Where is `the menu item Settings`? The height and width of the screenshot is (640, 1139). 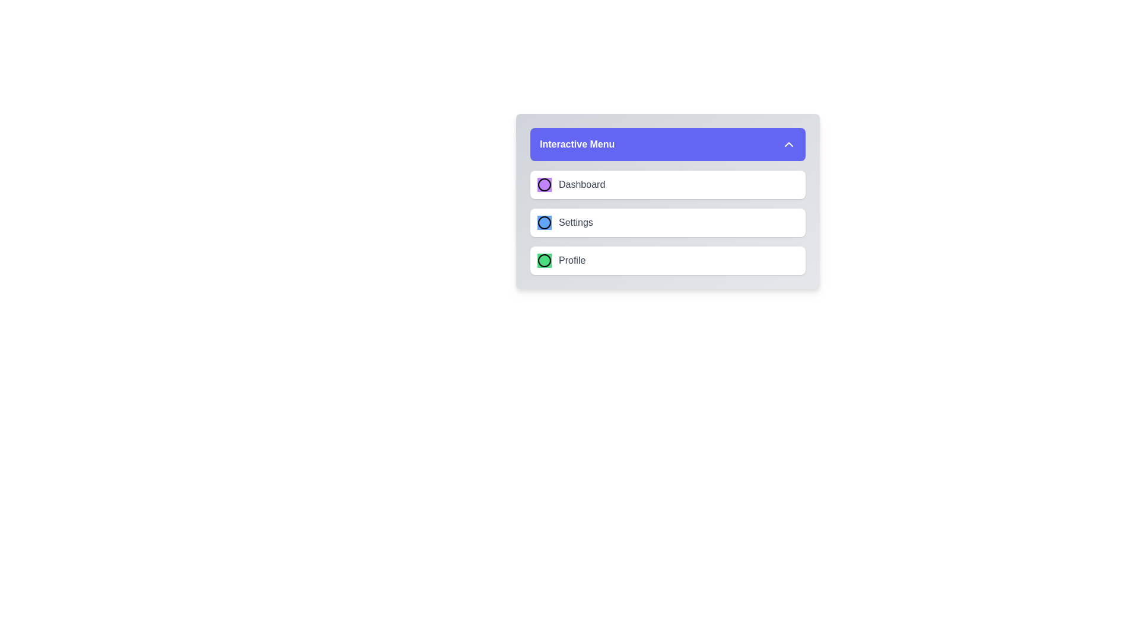
the menu item Settings is located at coordinates (668, 222).